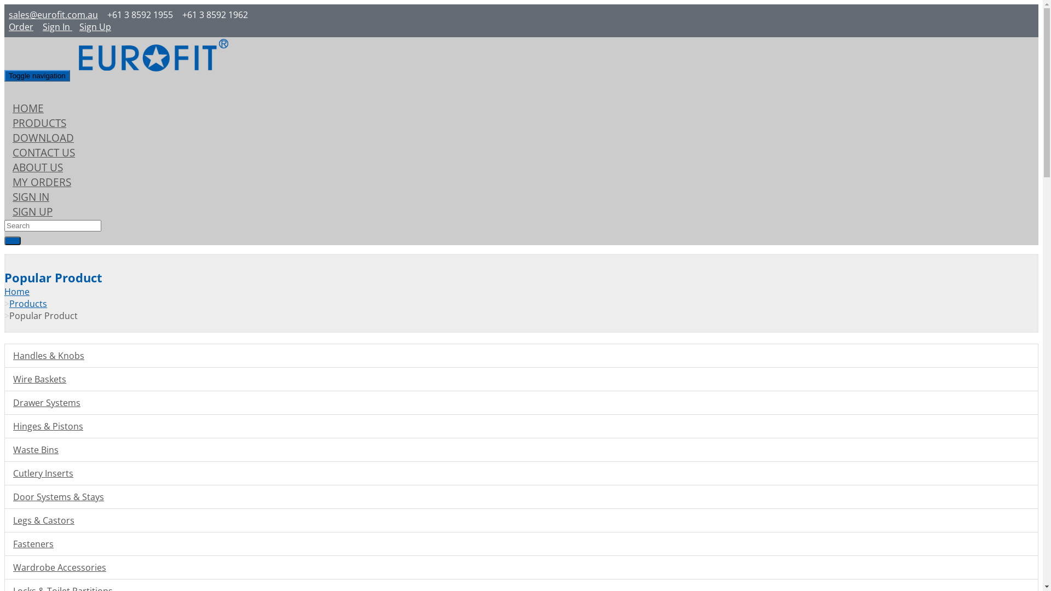  Describe the element at coordinates (28, 304) in the screenshot. I see `'Products'` at that location.